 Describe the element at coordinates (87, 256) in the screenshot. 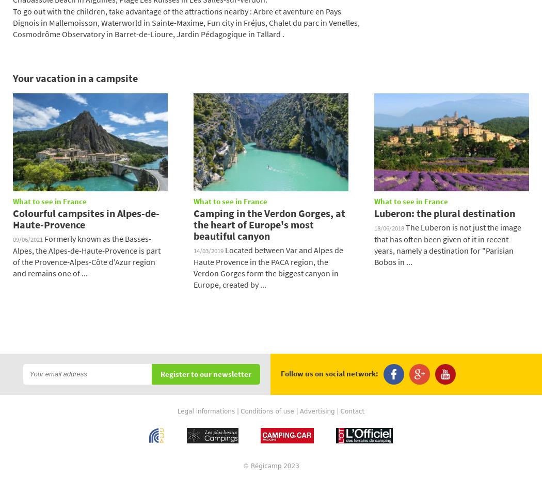

I see `'Formerly known as the Basses-Alpes, the Alpes-de-Haute-Provence is part of the Provence-Alpes-Côte d'Azur region and remains one of ...'` at that location.